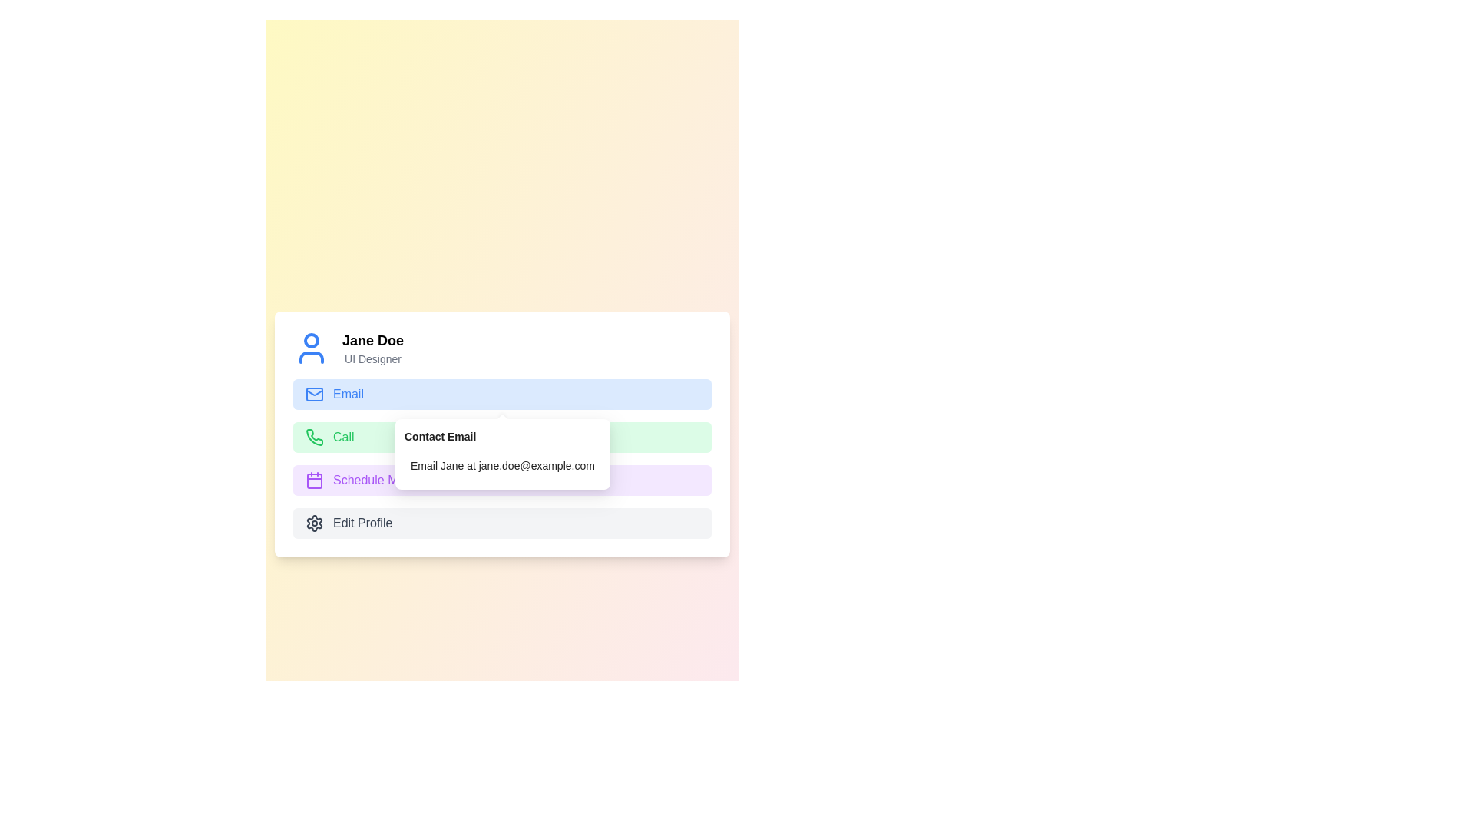 This screenshot has width=1474, height=829. Describe the element at coordinates (313, 438) in the screenshot. I see `the green phone icon that indicates a call function, located to the left of the word 'Call'` at that location.